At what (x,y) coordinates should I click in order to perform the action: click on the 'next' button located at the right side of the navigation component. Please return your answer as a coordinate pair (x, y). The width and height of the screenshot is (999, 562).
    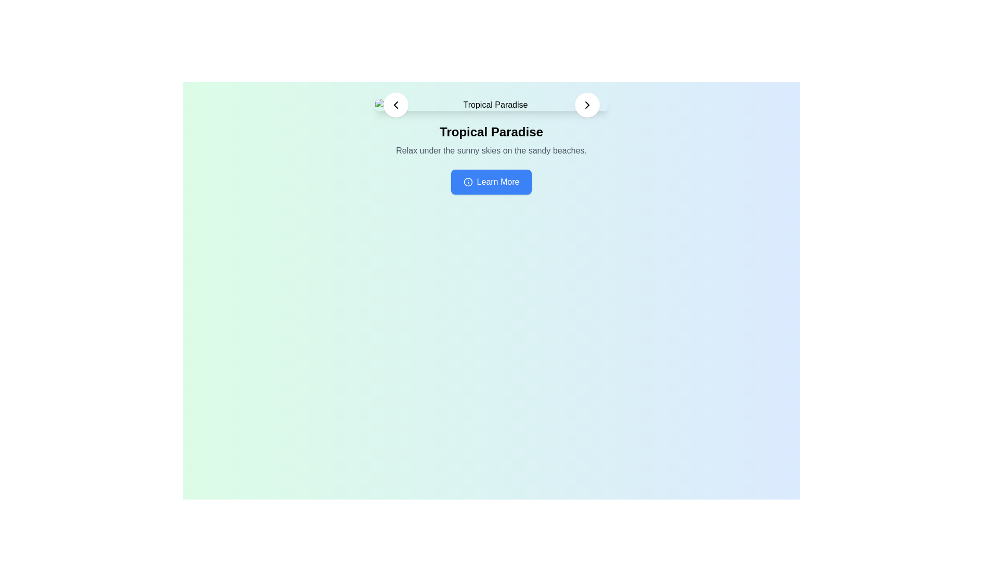
    Looking at the image, I should click on (587, 105).